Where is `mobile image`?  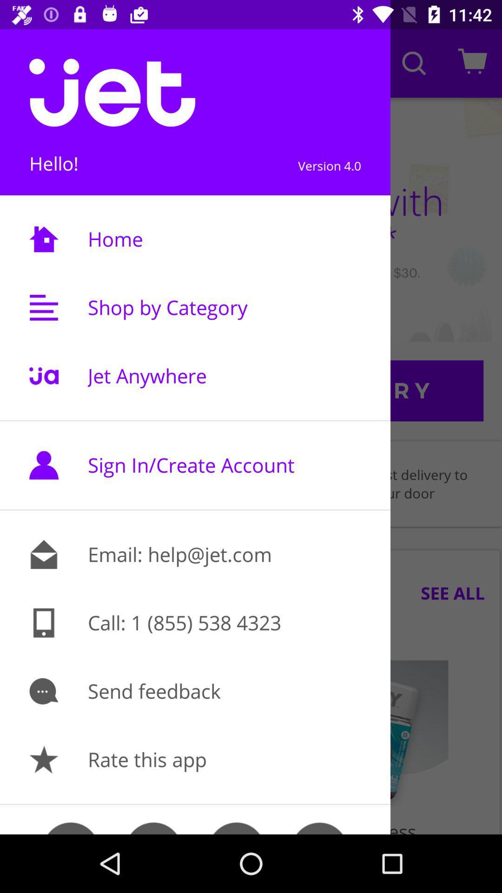
mobile image is located at coordinates (44, 623).